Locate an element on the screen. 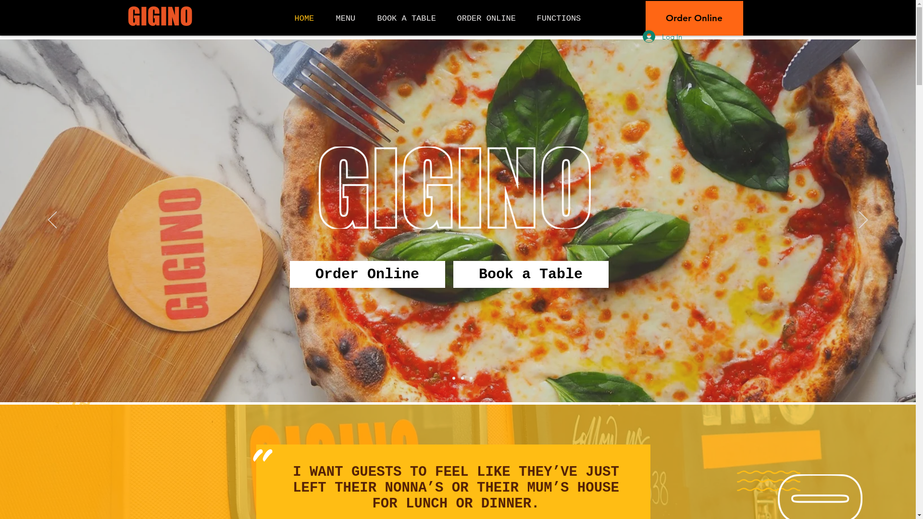 The height and width of the screenshot is (519, 923). 'HOME' is located at coordinates (308, 18).